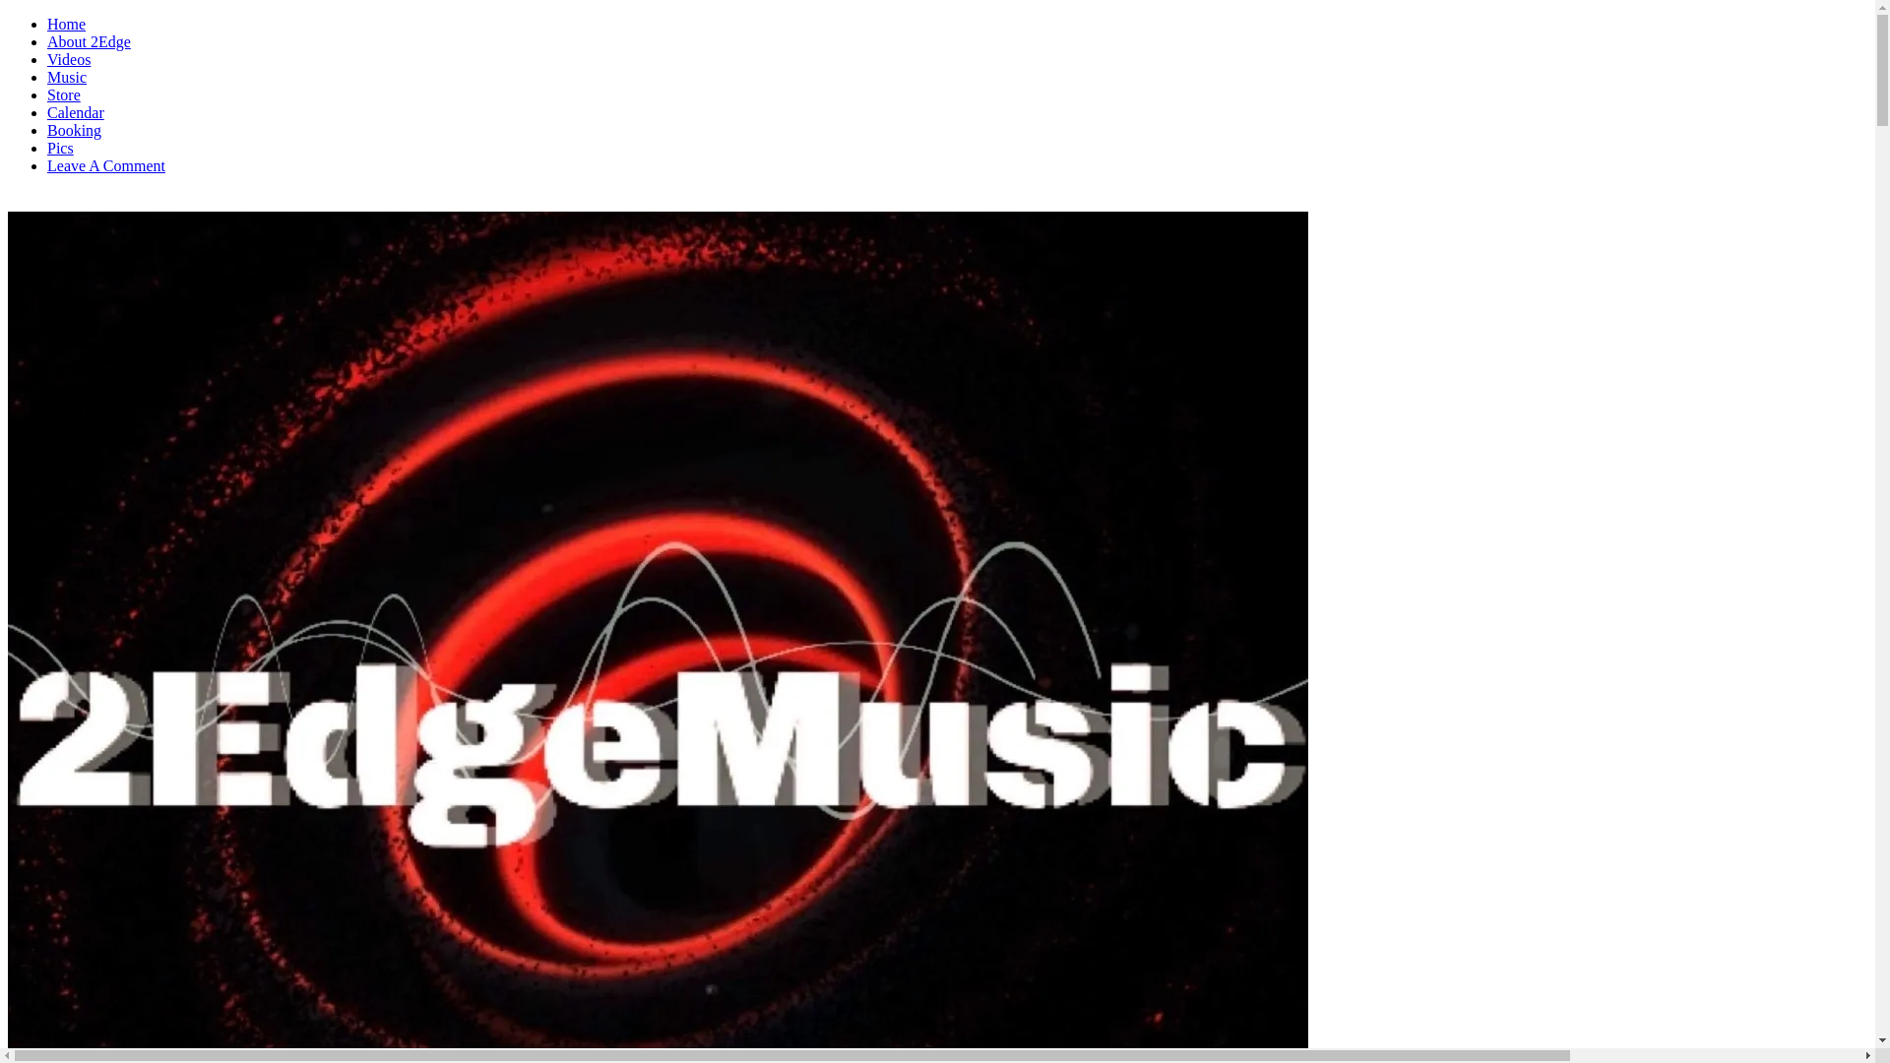 The image size is (1890, 1063). What do you see at coordinates (47, 94) in the screenshot?
I see `'Store'` at bounding box center [47, 94].